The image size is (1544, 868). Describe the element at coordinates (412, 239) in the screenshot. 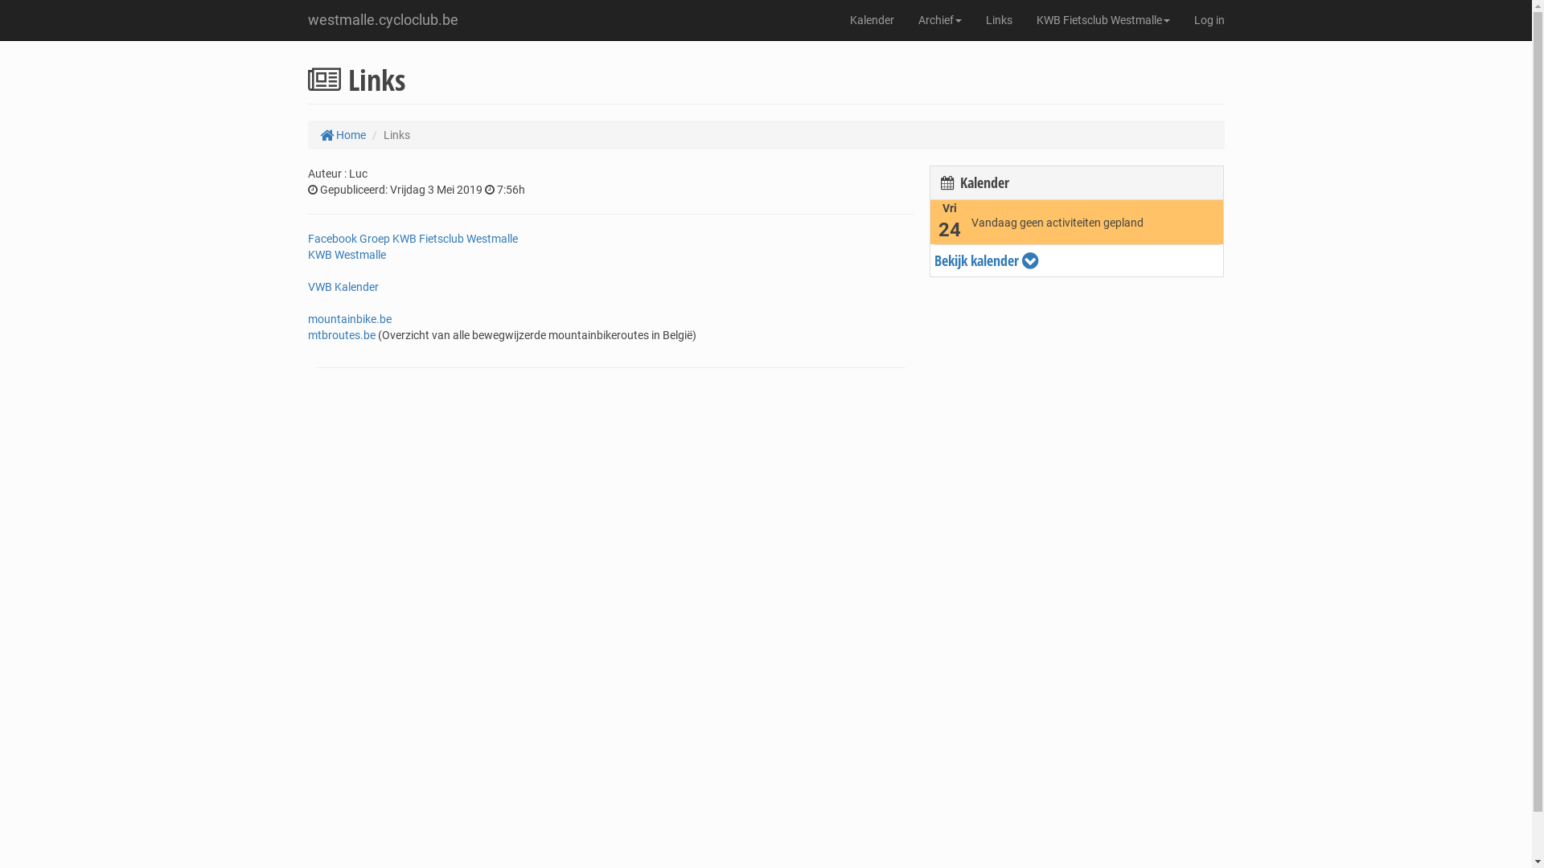

I see `'Facebook Groep KWB Fietsclub Westmalle'` at that location.